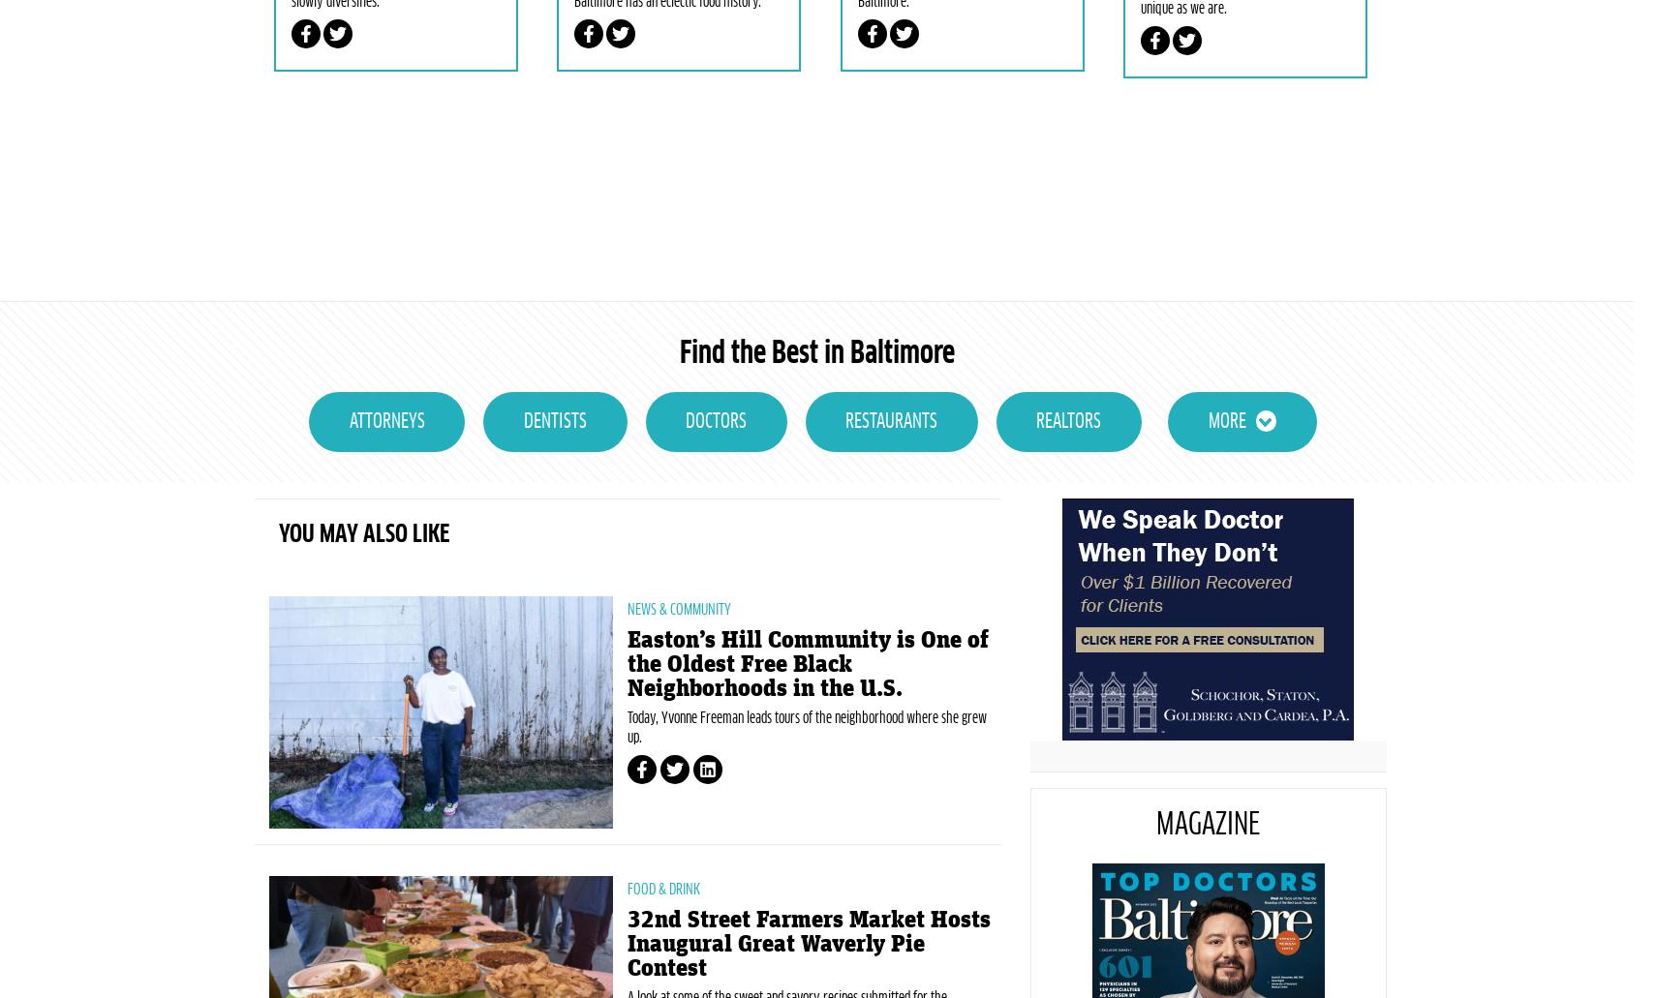 The width and height of the screenshot is (1656, 998). What do you see at coordinates (807, 765) in the screenshot?
I see `'Easton’s Hill Community is One of the Oldest Free Black Neighborhoods in the U.S.'` at bounding box center [807, 765].